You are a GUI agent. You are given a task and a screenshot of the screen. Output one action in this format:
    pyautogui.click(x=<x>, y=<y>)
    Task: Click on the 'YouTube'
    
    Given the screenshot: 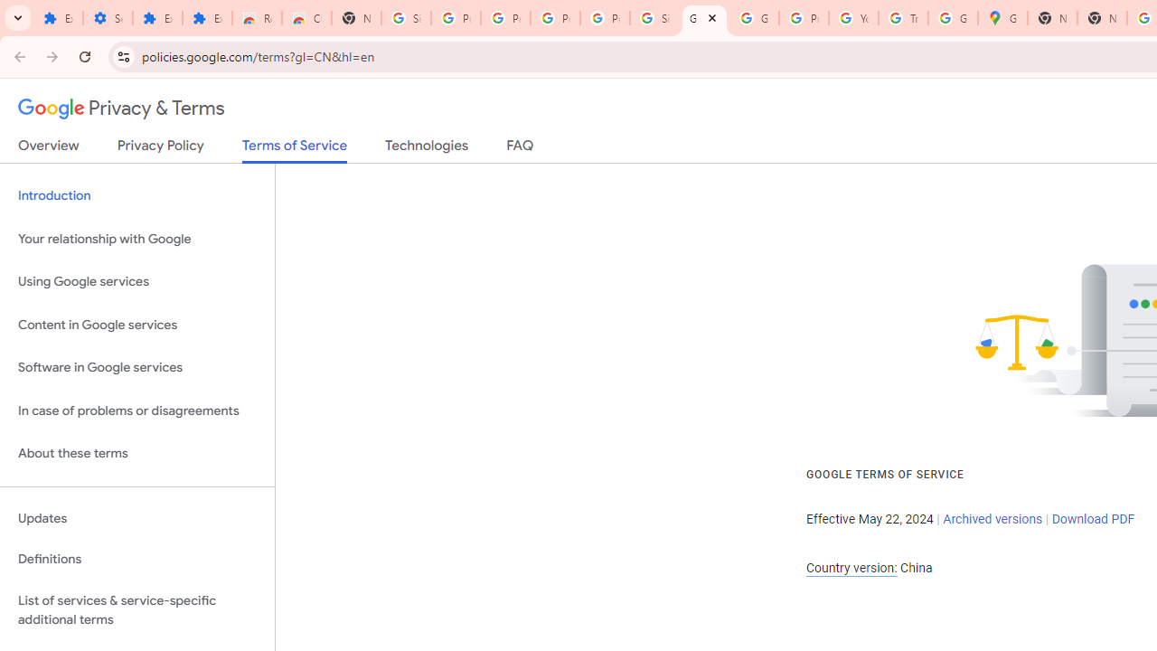 What is the action you would take?
    pyautogui.click(x=852, y=18)
    